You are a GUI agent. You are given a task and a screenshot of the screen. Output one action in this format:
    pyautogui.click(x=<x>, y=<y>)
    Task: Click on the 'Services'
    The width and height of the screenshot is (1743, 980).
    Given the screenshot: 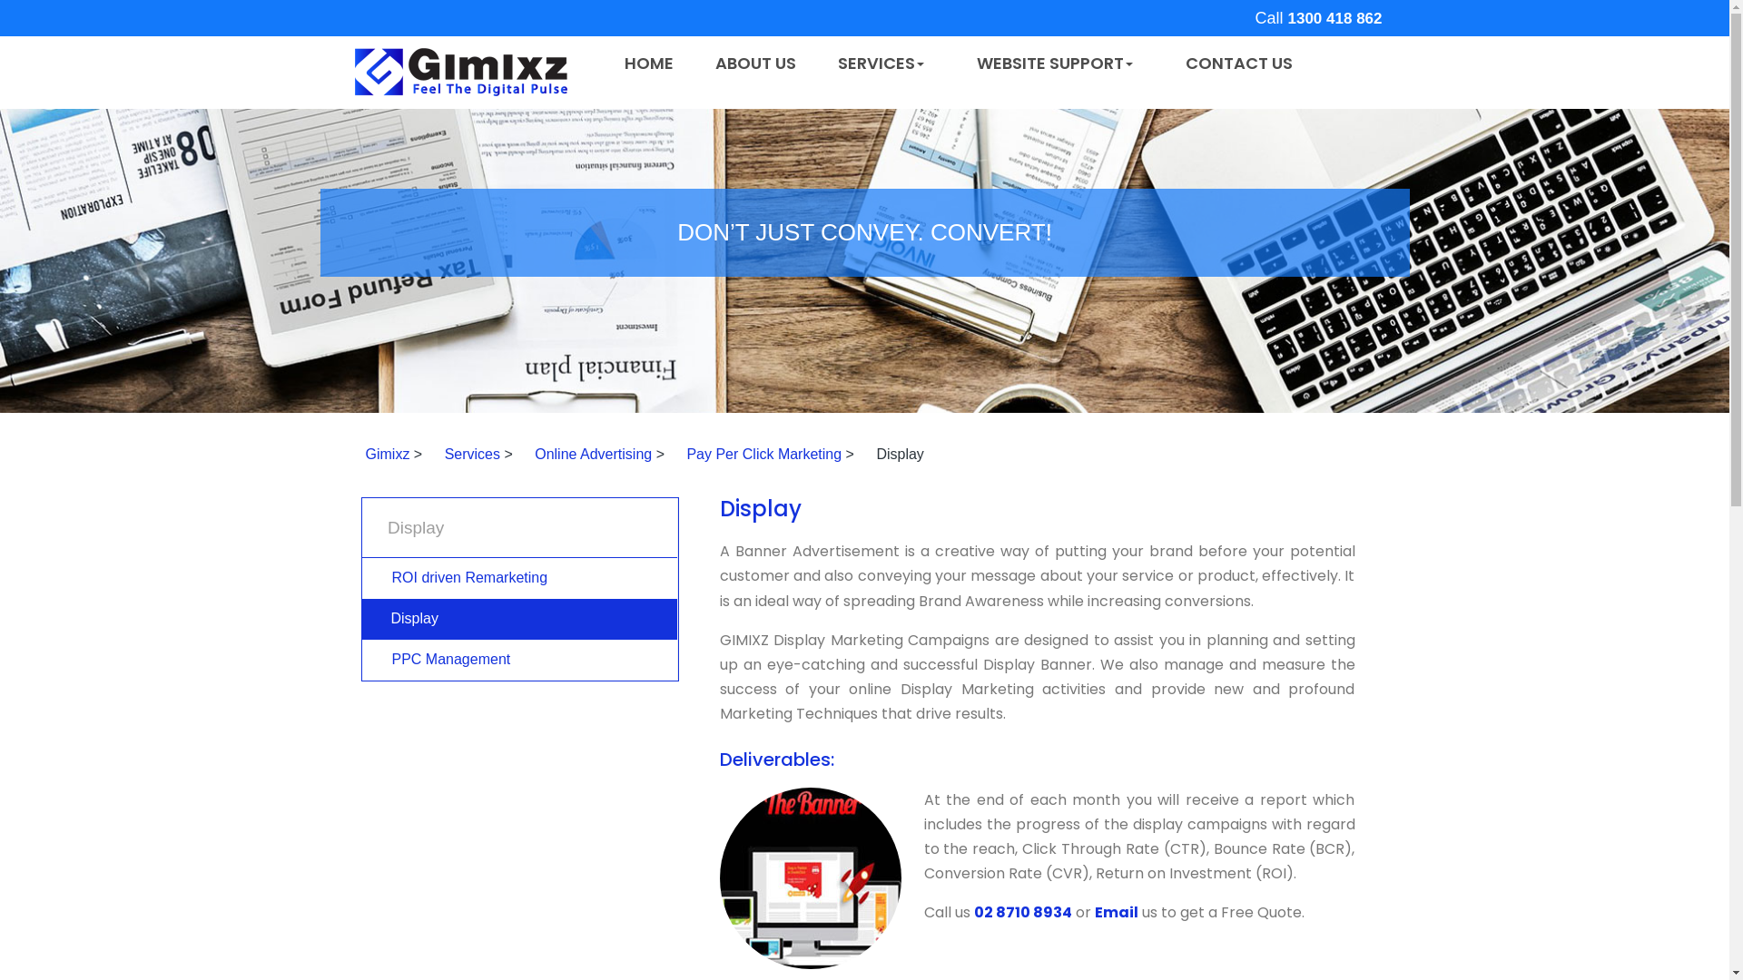 What is the action you would take?
    pyautogui.click(x=436, y=453)
    